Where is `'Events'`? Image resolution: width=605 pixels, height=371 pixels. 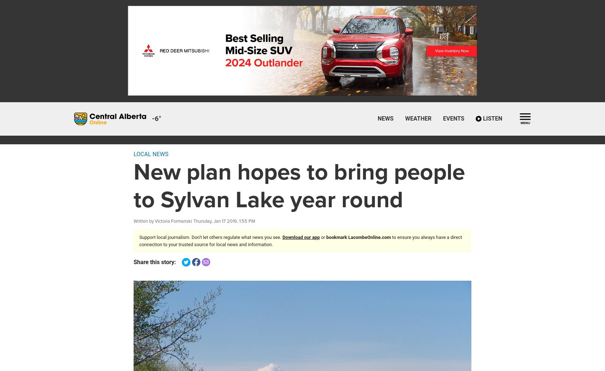 'Events' is located at coordinates (443, 118).